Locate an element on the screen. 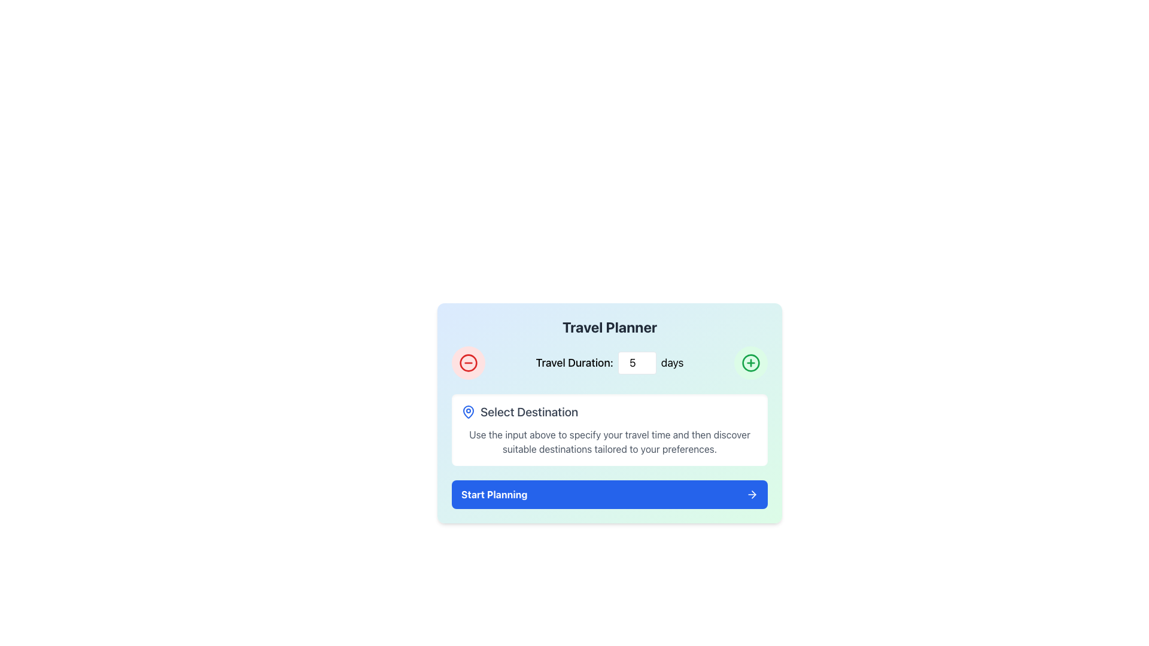 Image resolution: width=1149 pixels, height=646 pixels. the blue rectangular button containing the text label that initiates the planning process, located near the bottom of the interface is located at coordinates (494, 494).